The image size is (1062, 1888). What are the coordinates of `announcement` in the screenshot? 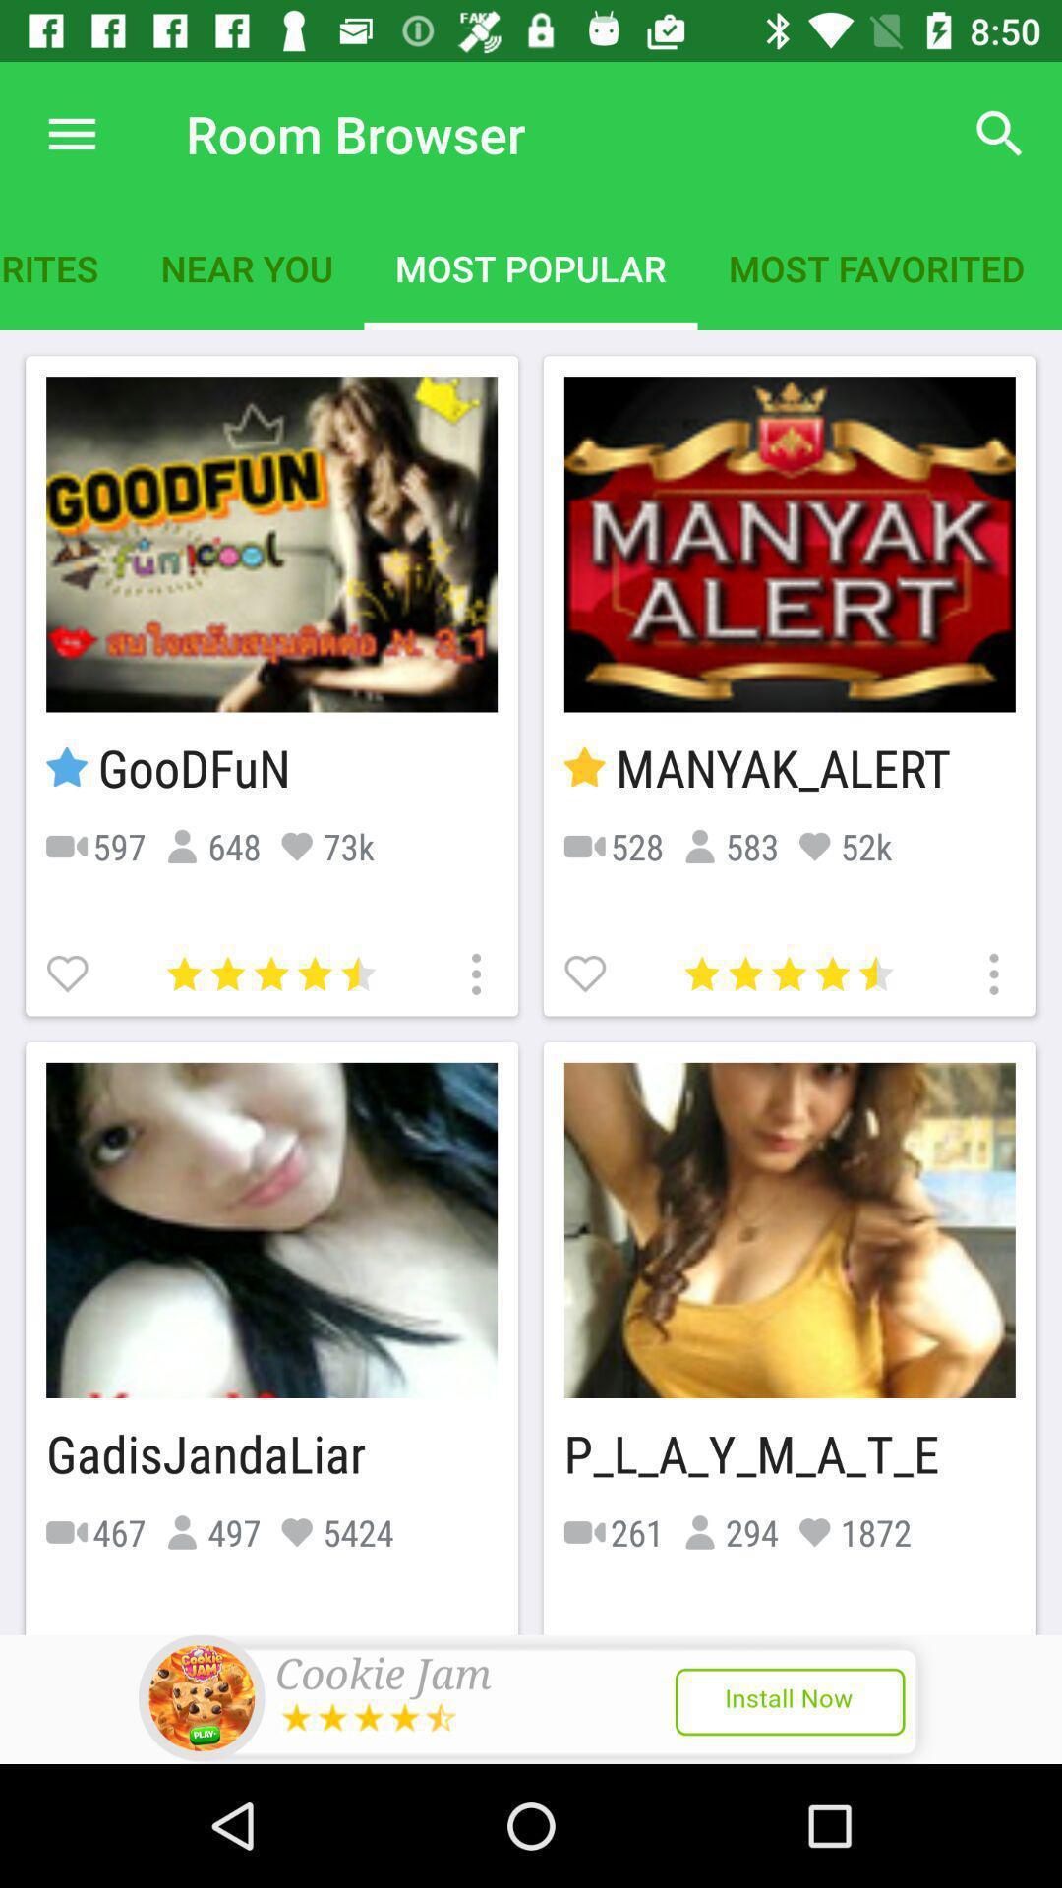 It's located at (531, 1698).